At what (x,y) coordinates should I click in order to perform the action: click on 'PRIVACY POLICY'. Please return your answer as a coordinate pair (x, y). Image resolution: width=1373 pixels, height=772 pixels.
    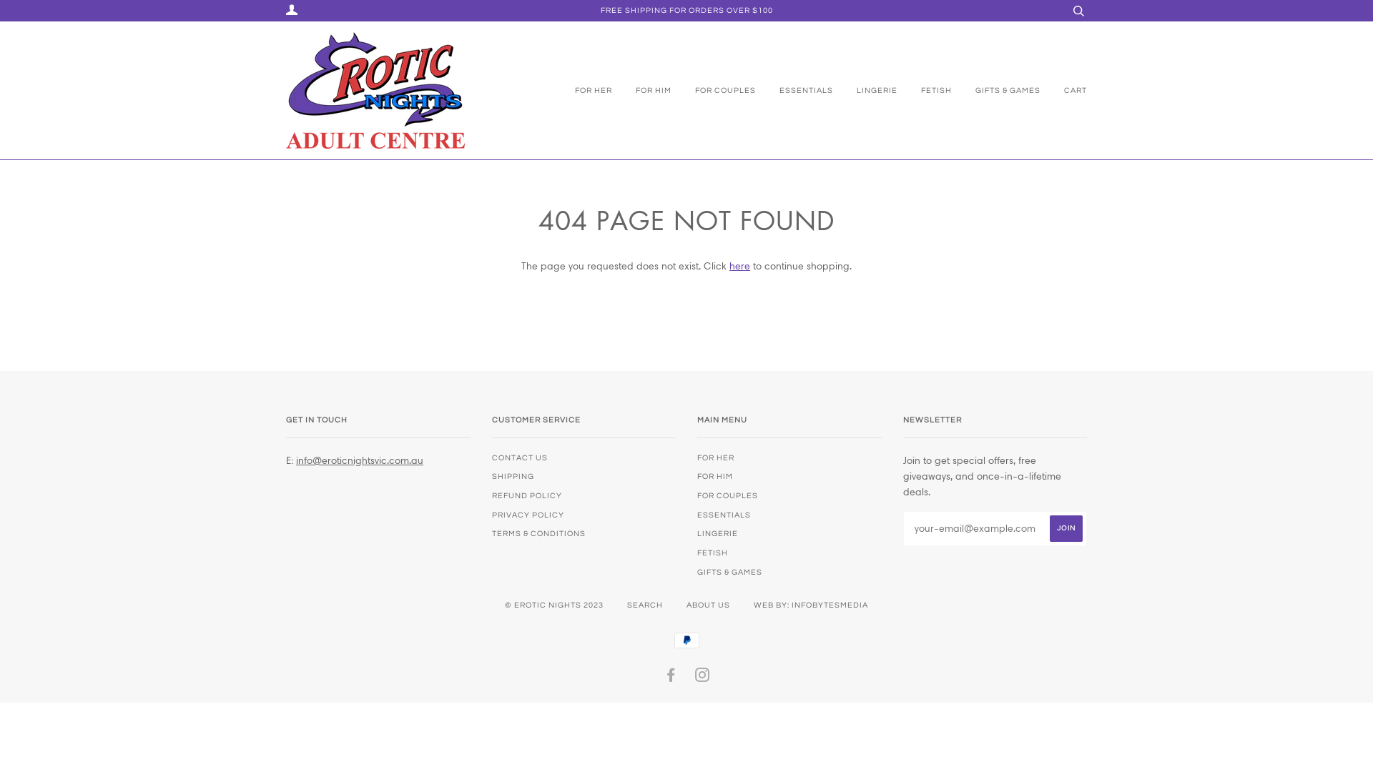
    Looking at the image, I should click on (527, 515).